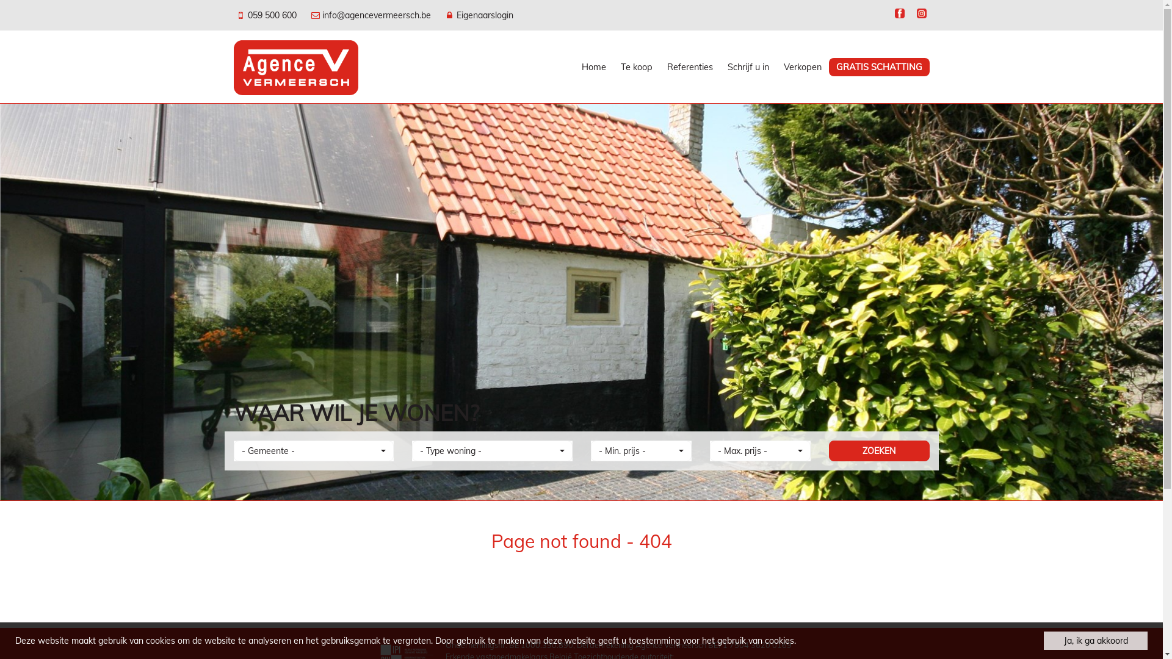 This screenshot has width=1172, height=659. I want to click on 'ZOEKEN', so click(879, 451).